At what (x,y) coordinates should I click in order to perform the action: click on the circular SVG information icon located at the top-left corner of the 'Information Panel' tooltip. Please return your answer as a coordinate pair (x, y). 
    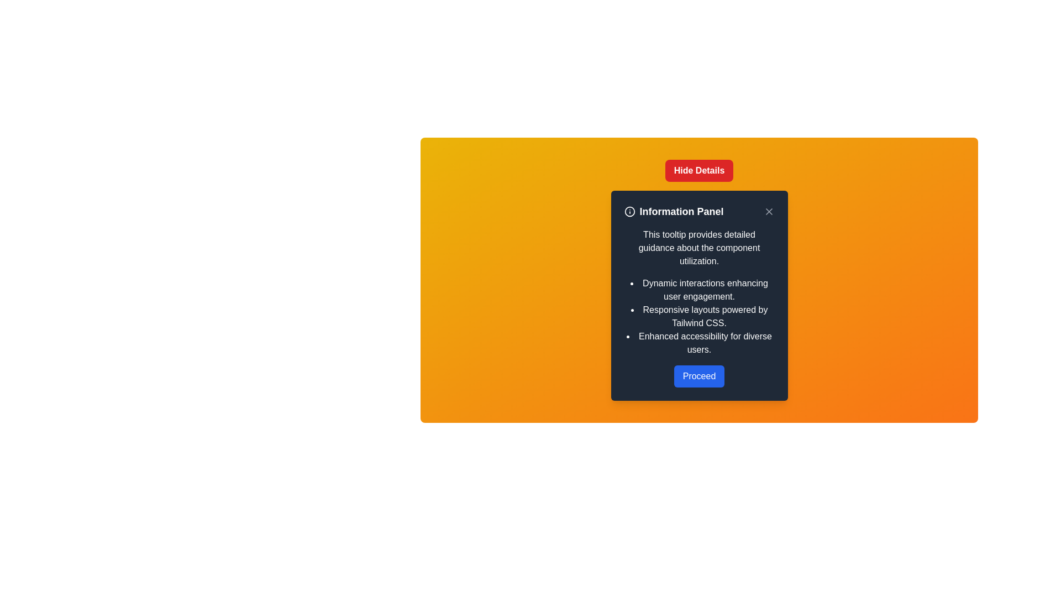
    Looking at the image, I should click on (629, 211).